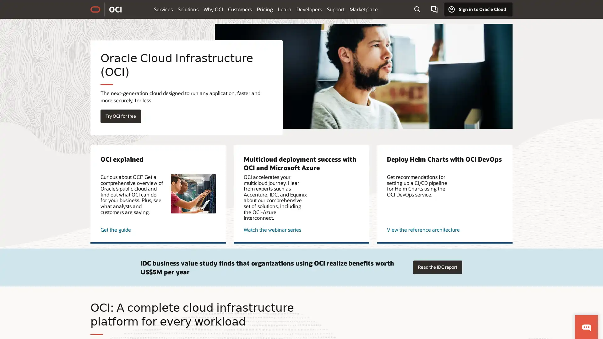 The image size is (603, 339). Describe the element at coordinates (213, 9) in the screenshot. I see `Why OCI` at that location.